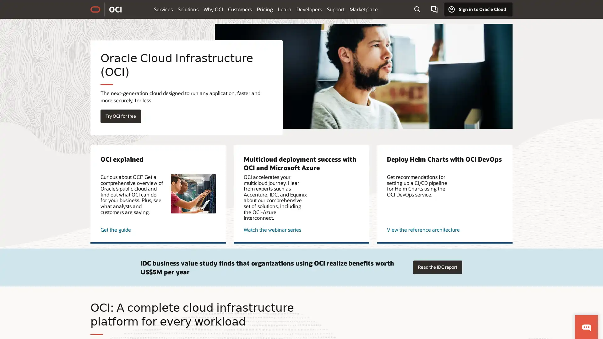 The image size is (603, 339). Describe the element at coordinates (213, 9) in the screenshot. I see `Why OCI` at that location.